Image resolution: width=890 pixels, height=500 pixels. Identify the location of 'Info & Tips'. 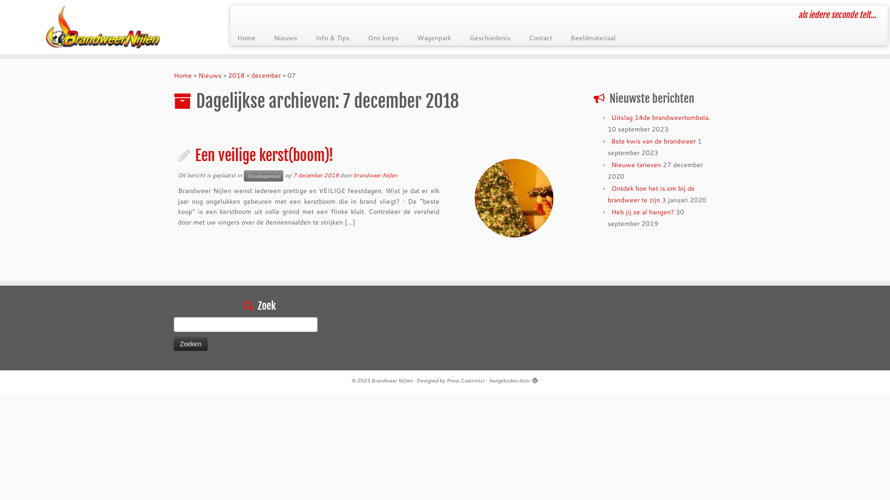
(306, 37).